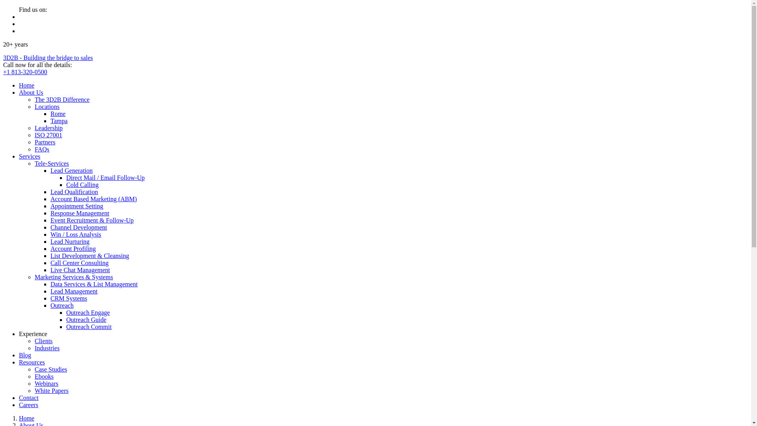  I want to click on 'Blog', so click(25, 355).